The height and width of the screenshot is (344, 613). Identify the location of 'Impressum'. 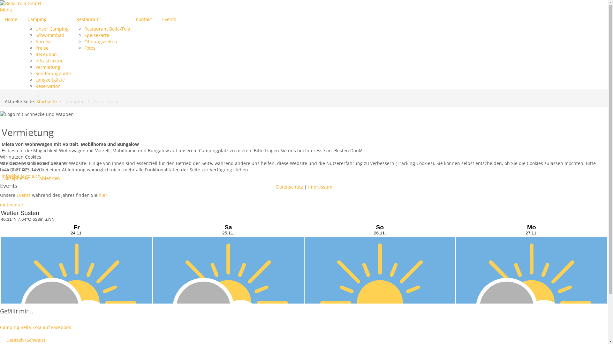
(320, 186).